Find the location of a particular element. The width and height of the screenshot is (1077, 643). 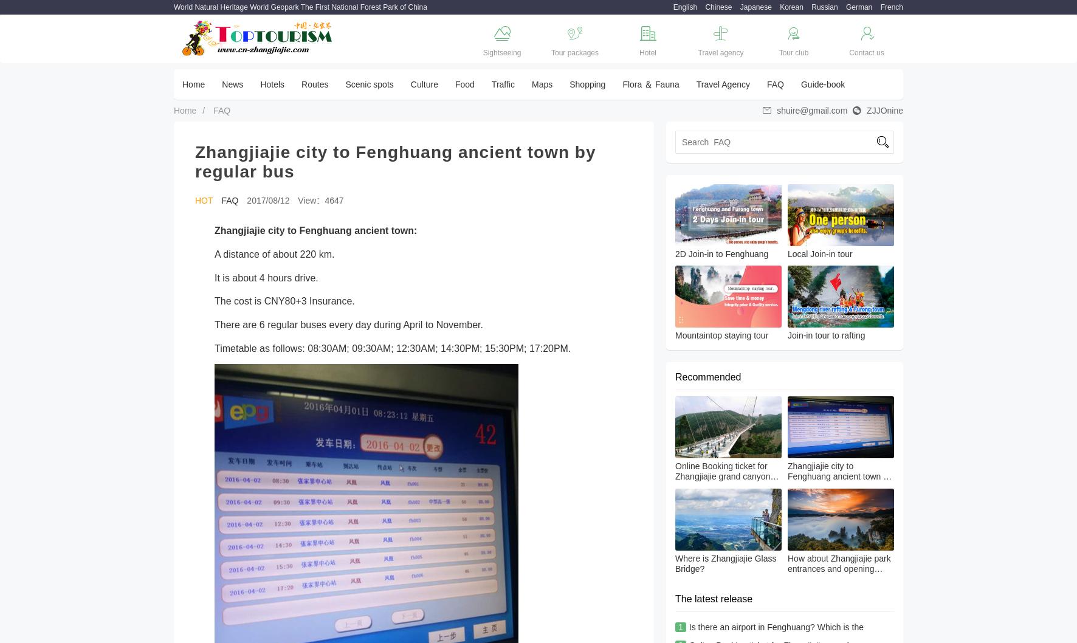

'Shopping' is located at coordinates (587, 84).